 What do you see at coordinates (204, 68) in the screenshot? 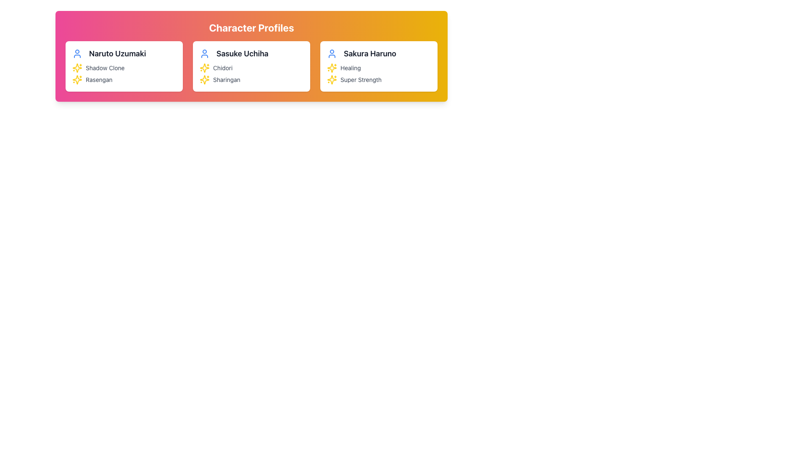
I see `the yellow sparkle icon located to the left of the 'Chidori' text within the 'Sasuke Uchiha' card to emphasize its importance` at bounding box center [204, 68].